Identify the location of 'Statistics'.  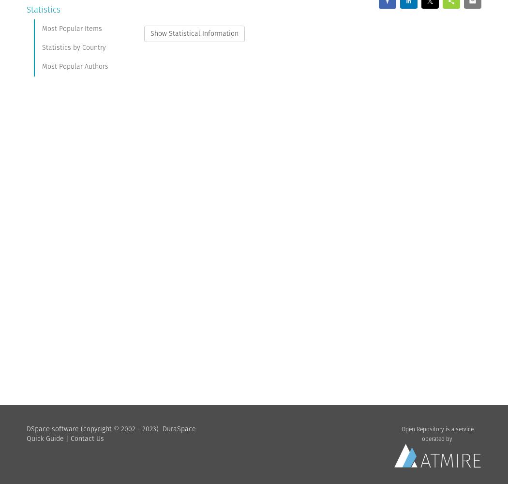
(43, 10).